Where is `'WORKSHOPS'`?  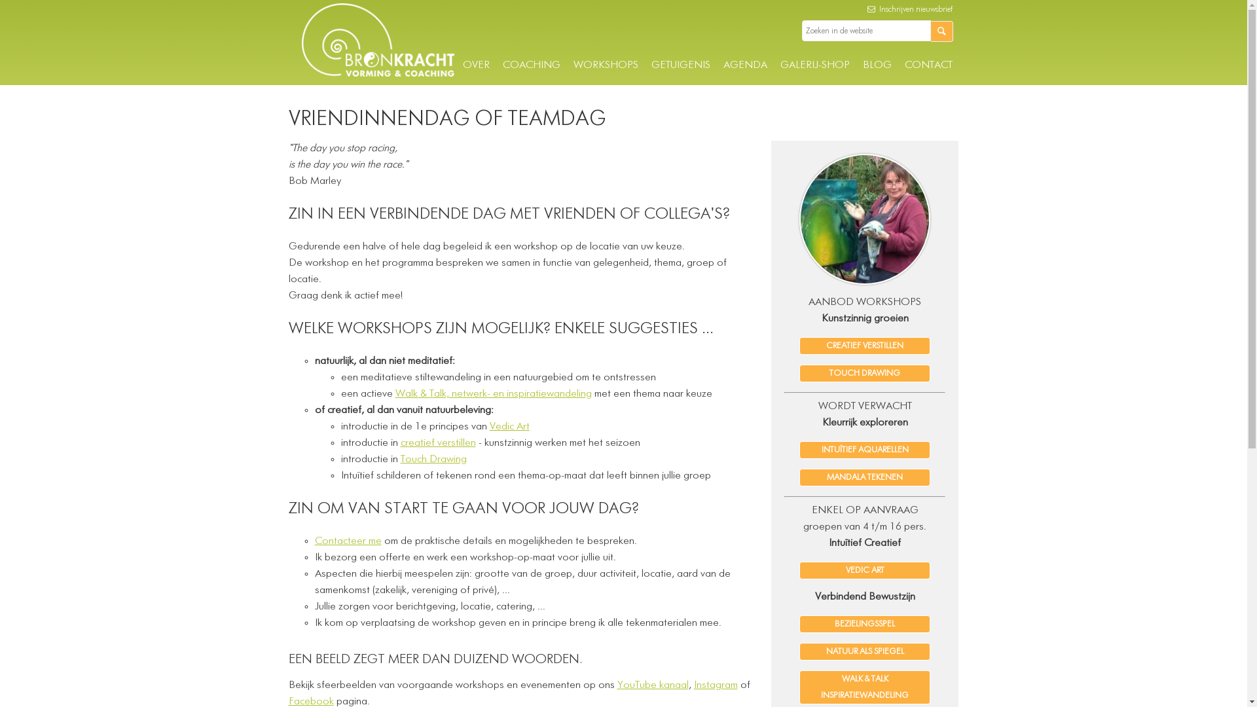
'WORKSHOPS' is located at coordinates (573, 65).